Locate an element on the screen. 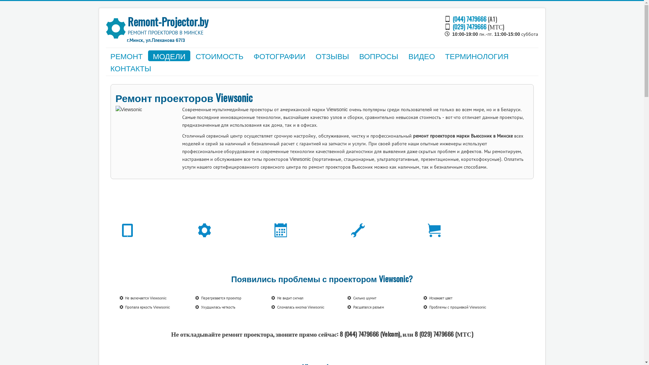  '(029) 7479666' is located at coordinates (469, 26).